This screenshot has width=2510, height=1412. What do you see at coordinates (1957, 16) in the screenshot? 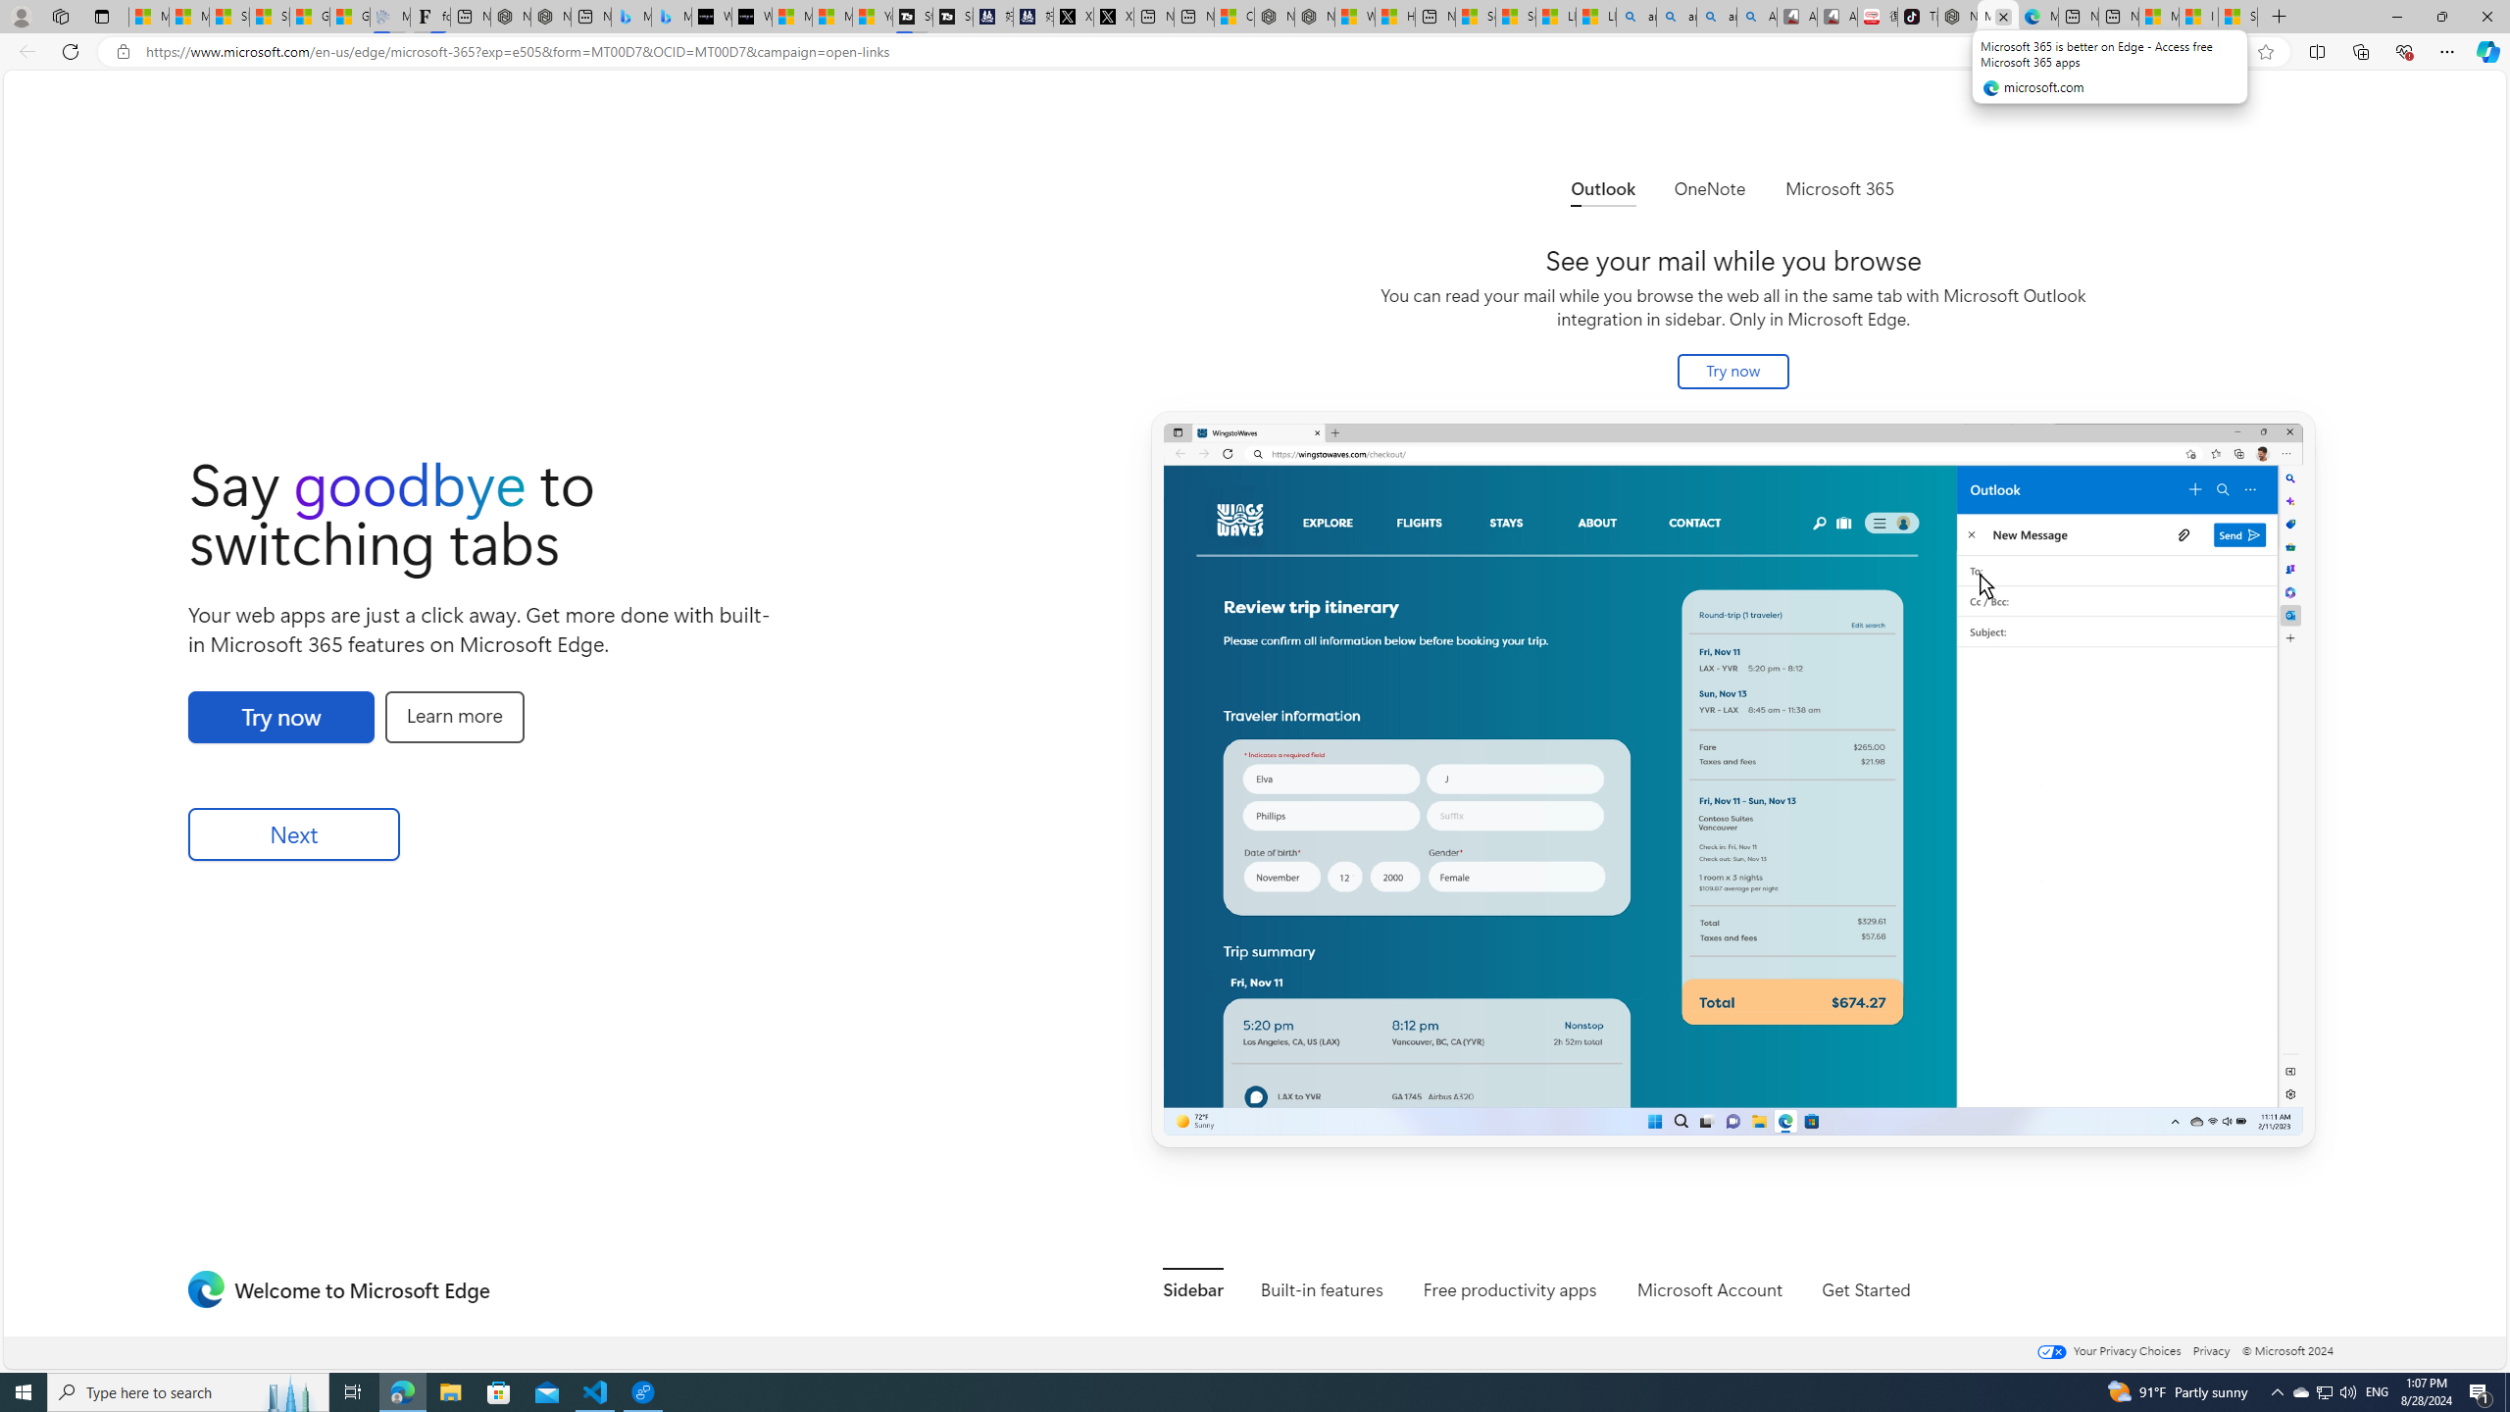
I see `'Nordace - Best Sellers'` at bounding box center [1957, 16].